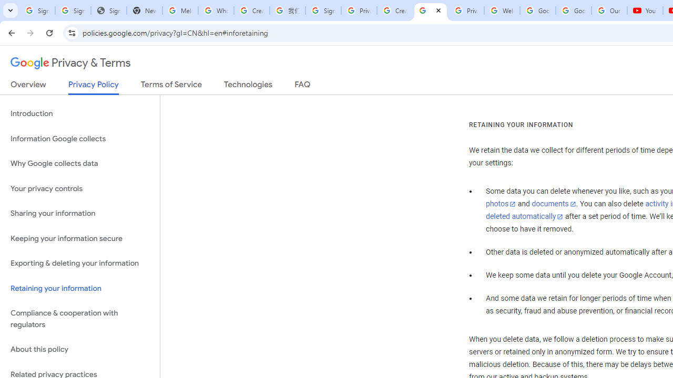  What do you see at coordinates (302, 86) in the screenshot?
I see `'FAQ'` at bounding box center [302, 86].